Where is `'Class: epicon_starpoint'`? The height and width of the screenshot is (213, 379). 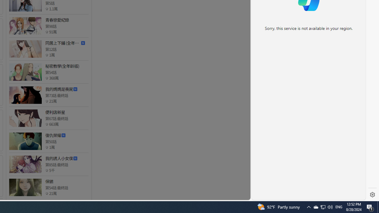
'Class: epicon_starpoint' is located at coordinates (46, 193).